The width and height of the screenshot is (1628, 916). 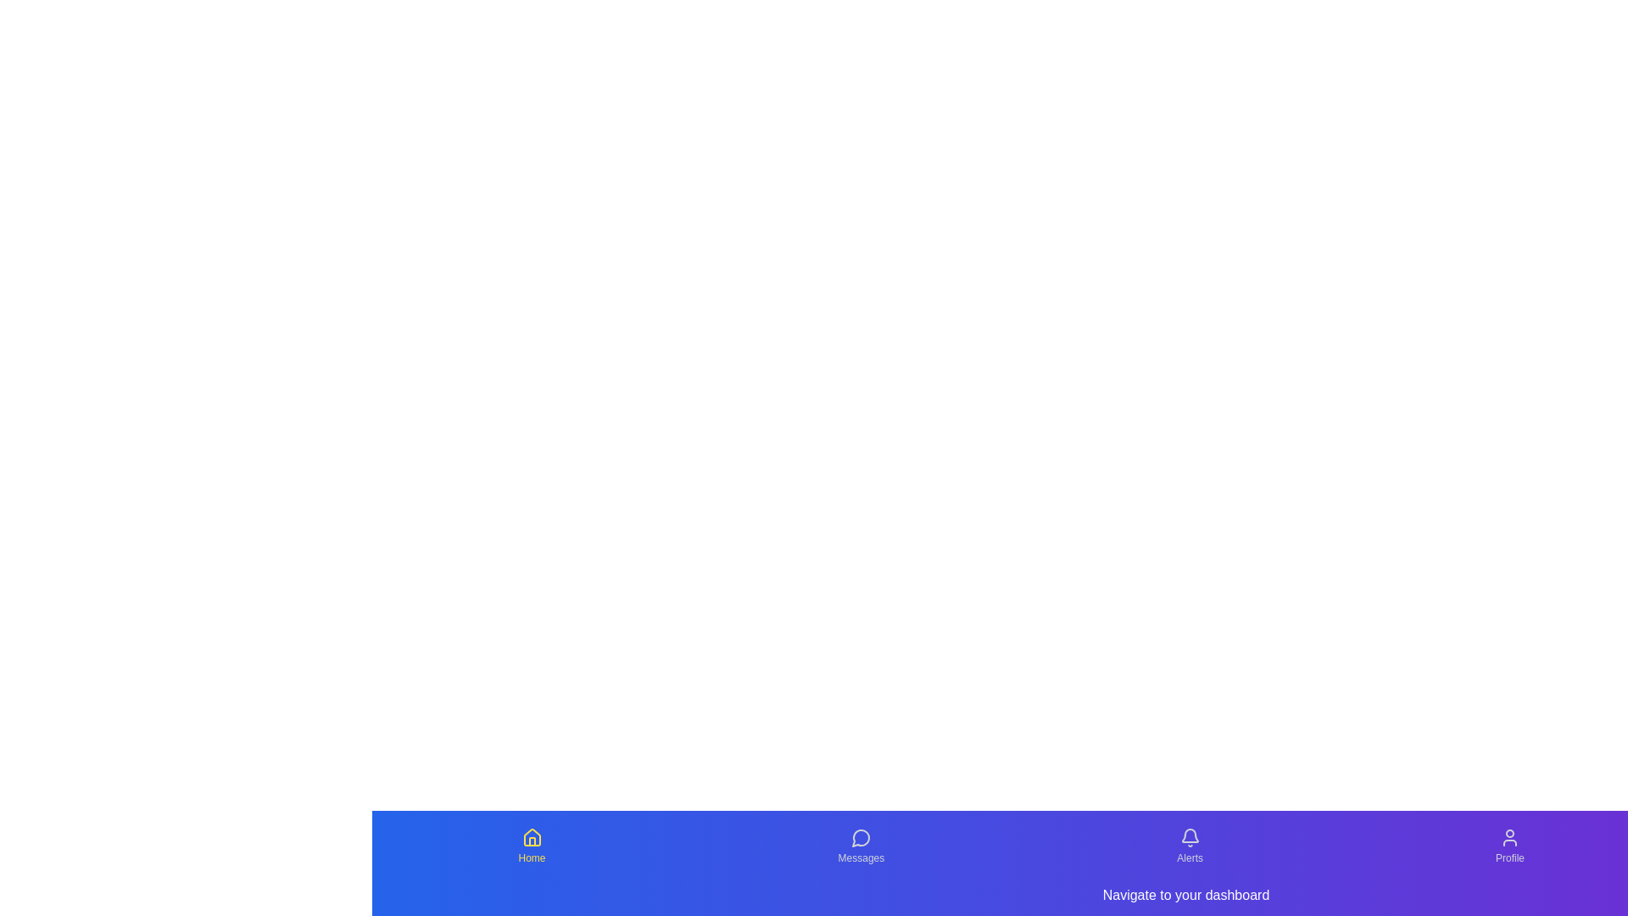 I want to click on the Messages tab from the navigation menu, so click(x=861, y=846).